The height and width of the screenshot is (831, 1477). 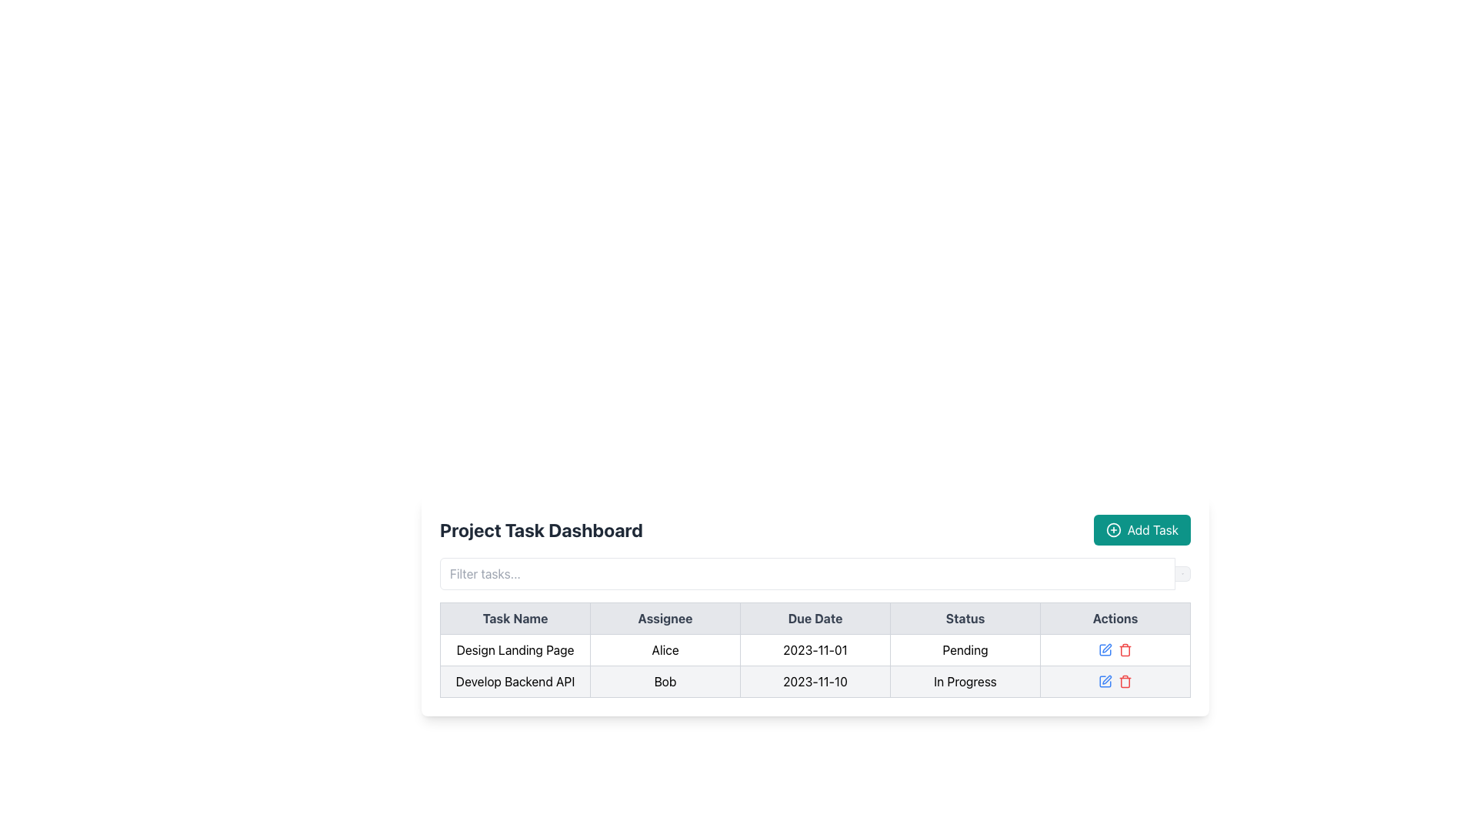 I want to click on the Icon Component, which is a rectangular design with rounded corners located in the far right section of the 'Actions' column in the task table, so click(x=1104, y=681).